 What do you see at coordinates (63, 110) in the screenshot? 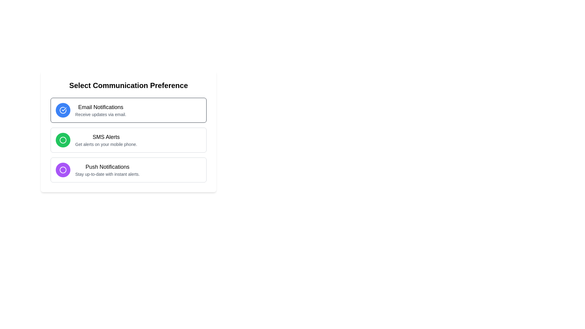
I see `the icon representing the 'Email Notifications' option, which is positioned at the top of the list of notification preferences within a rounded blue background circle` at bounding box center [63, 110].